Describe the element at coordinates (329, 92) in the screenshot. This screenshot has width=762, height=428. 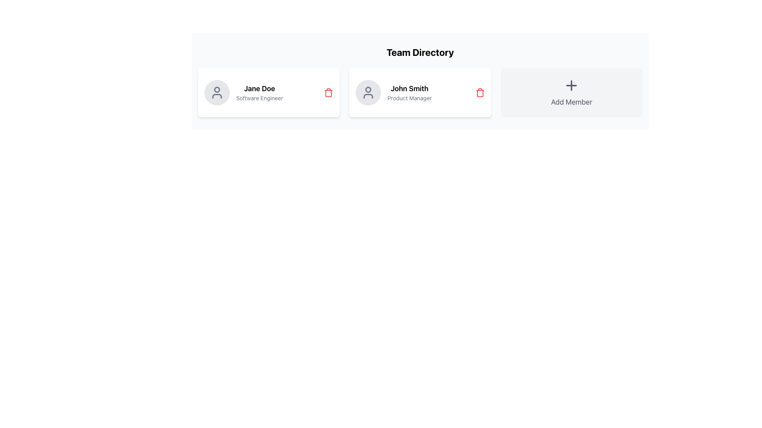
I see `the delete icon button located at the top-right corner of the card for 'Jane Doe', the Software Engineer` at that location.